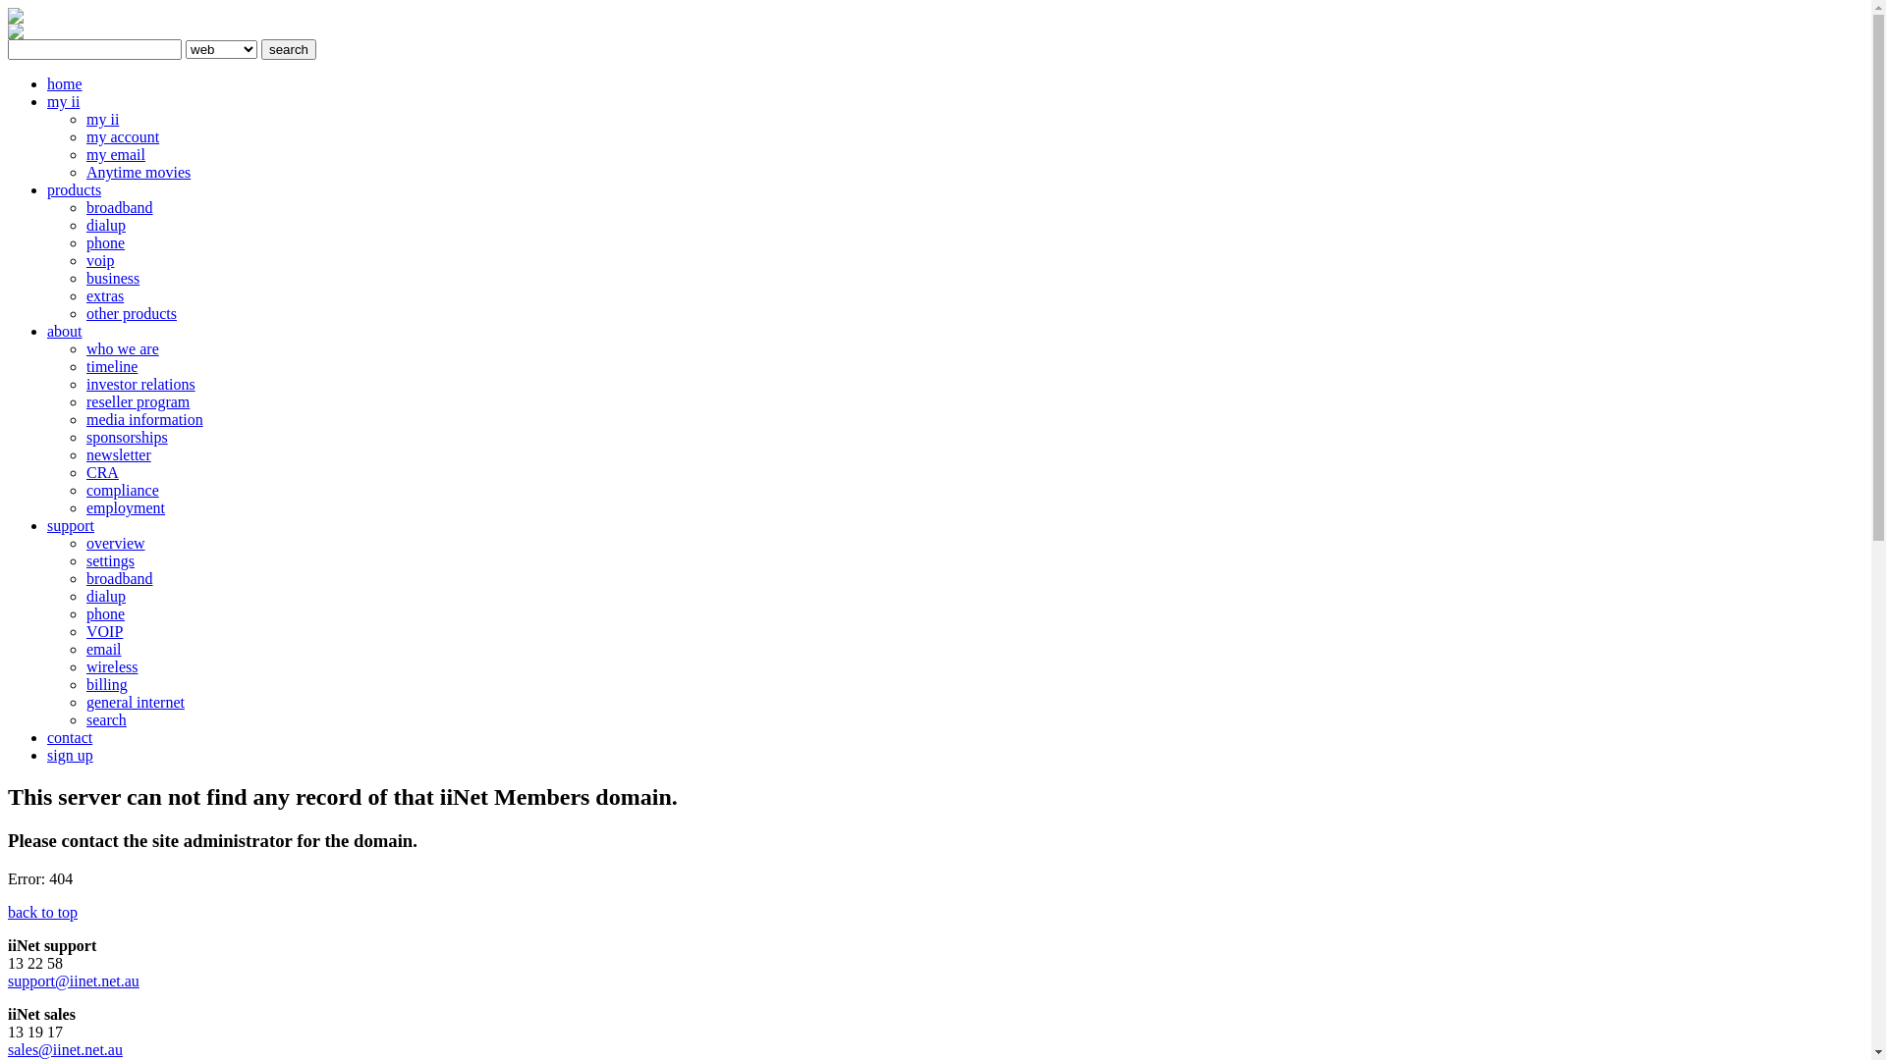  I want to click on 'my email', so click(84, 153).